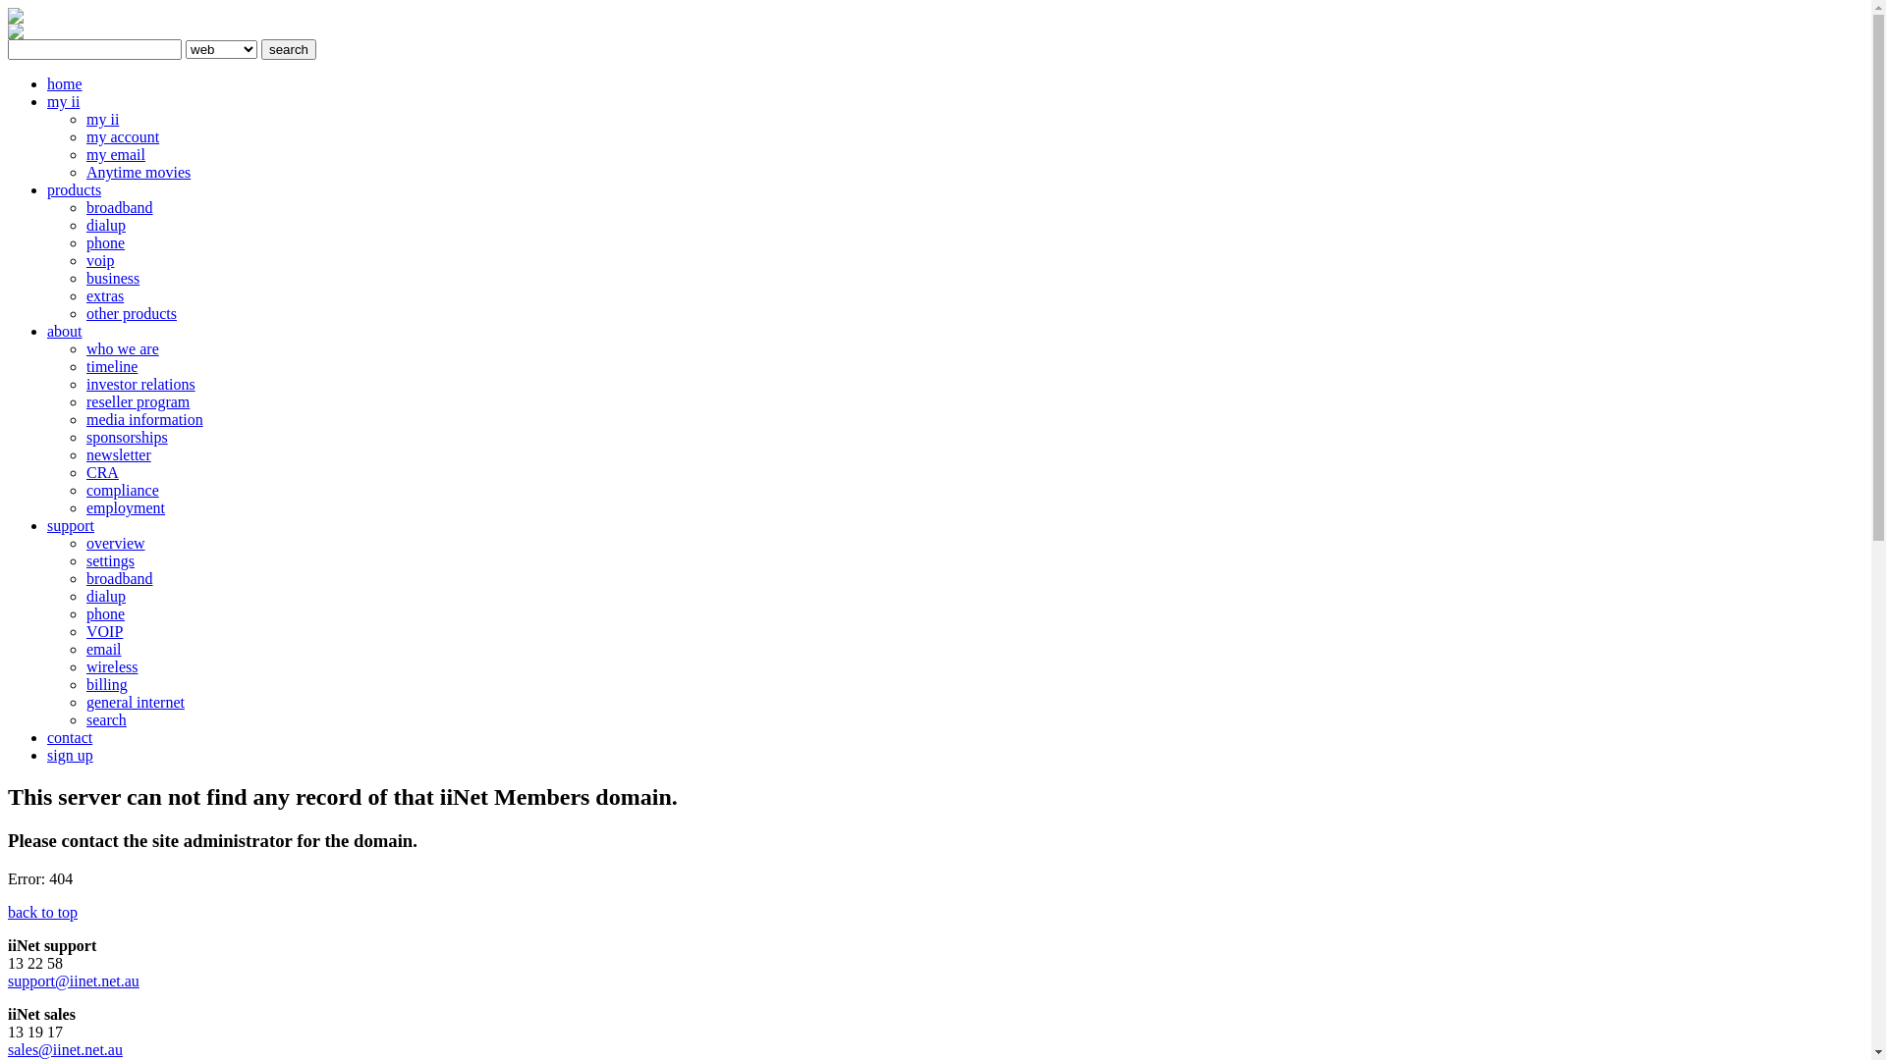  I want to click on 'my email', so click(84, 153).